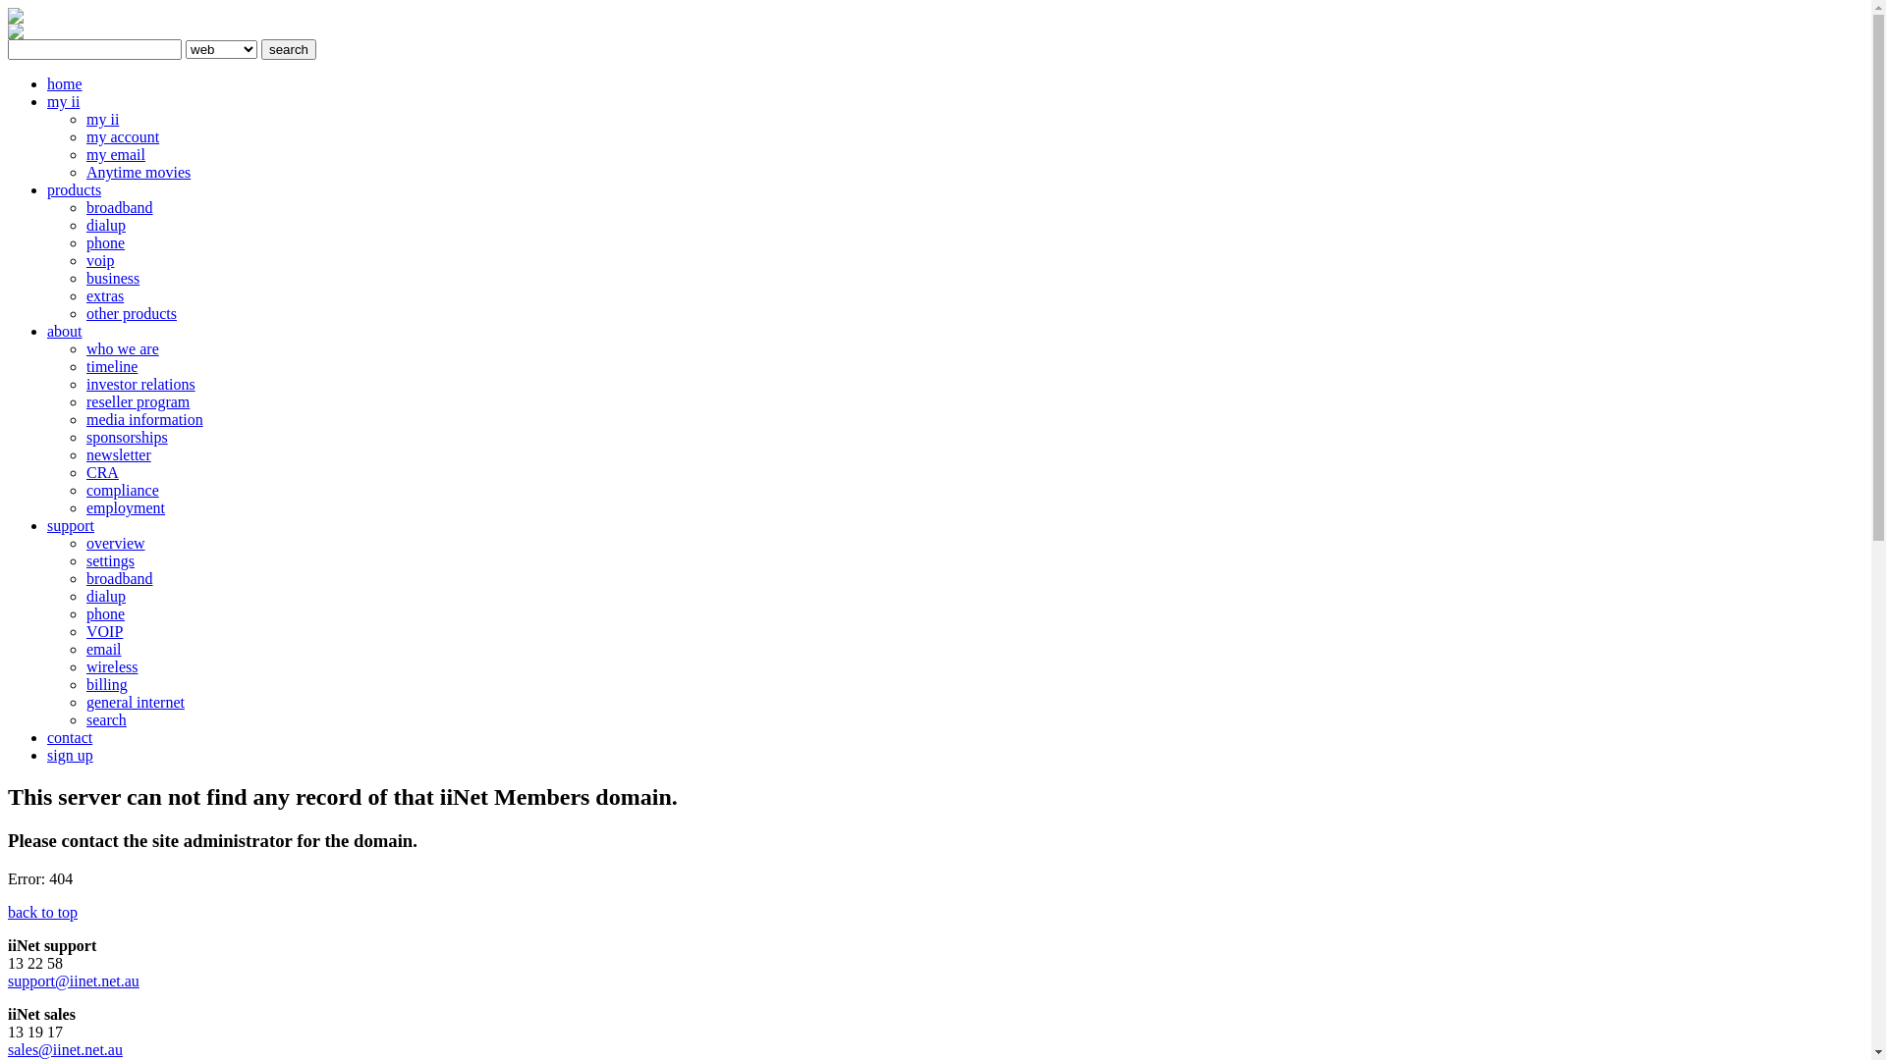  I want to click on 'my email', so click(84, 153).